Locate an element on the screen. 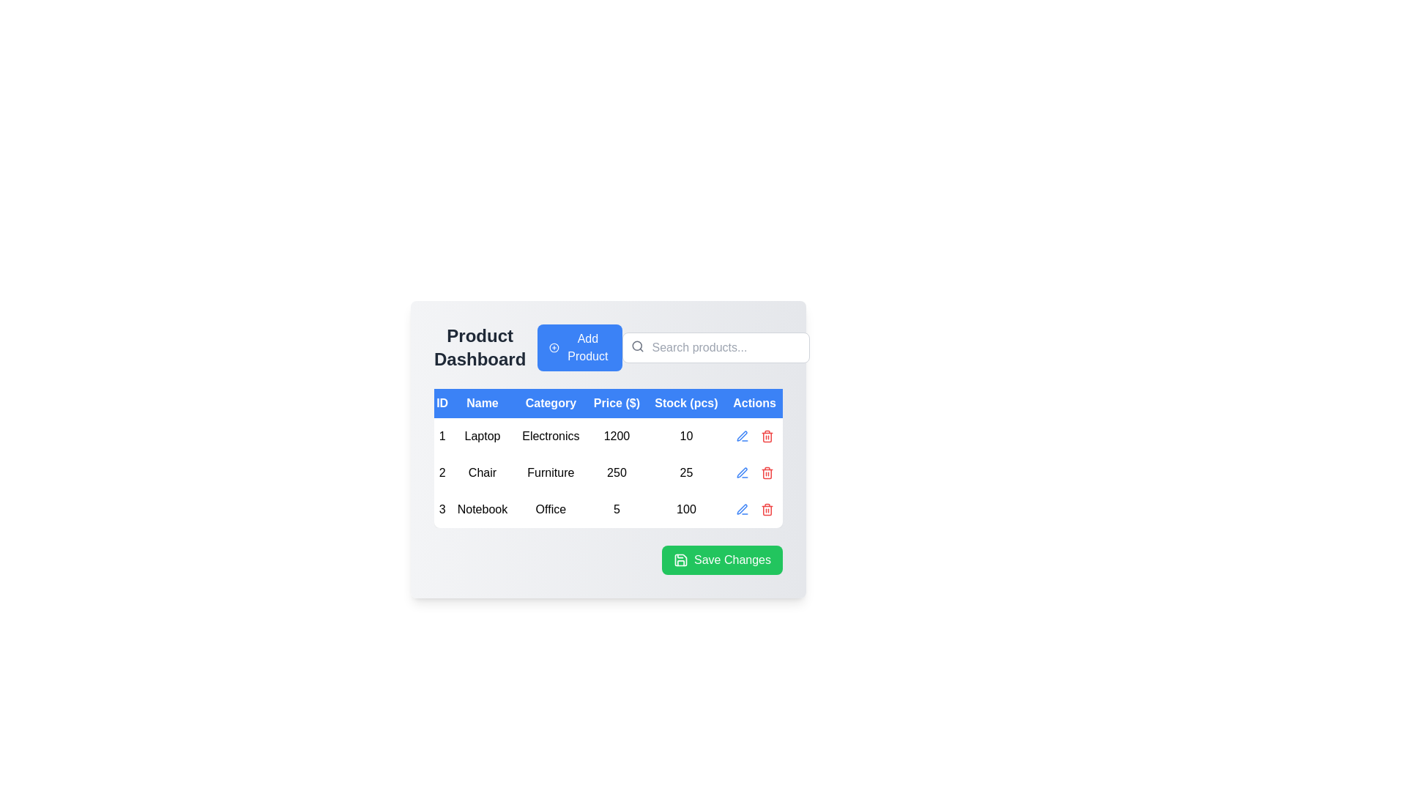 The width and height of the screenshot is (1406, 791). the stylized pen icon in the 'Actions' column of the third row of the Product Dashboard data table is located at coordinates (742, 508).